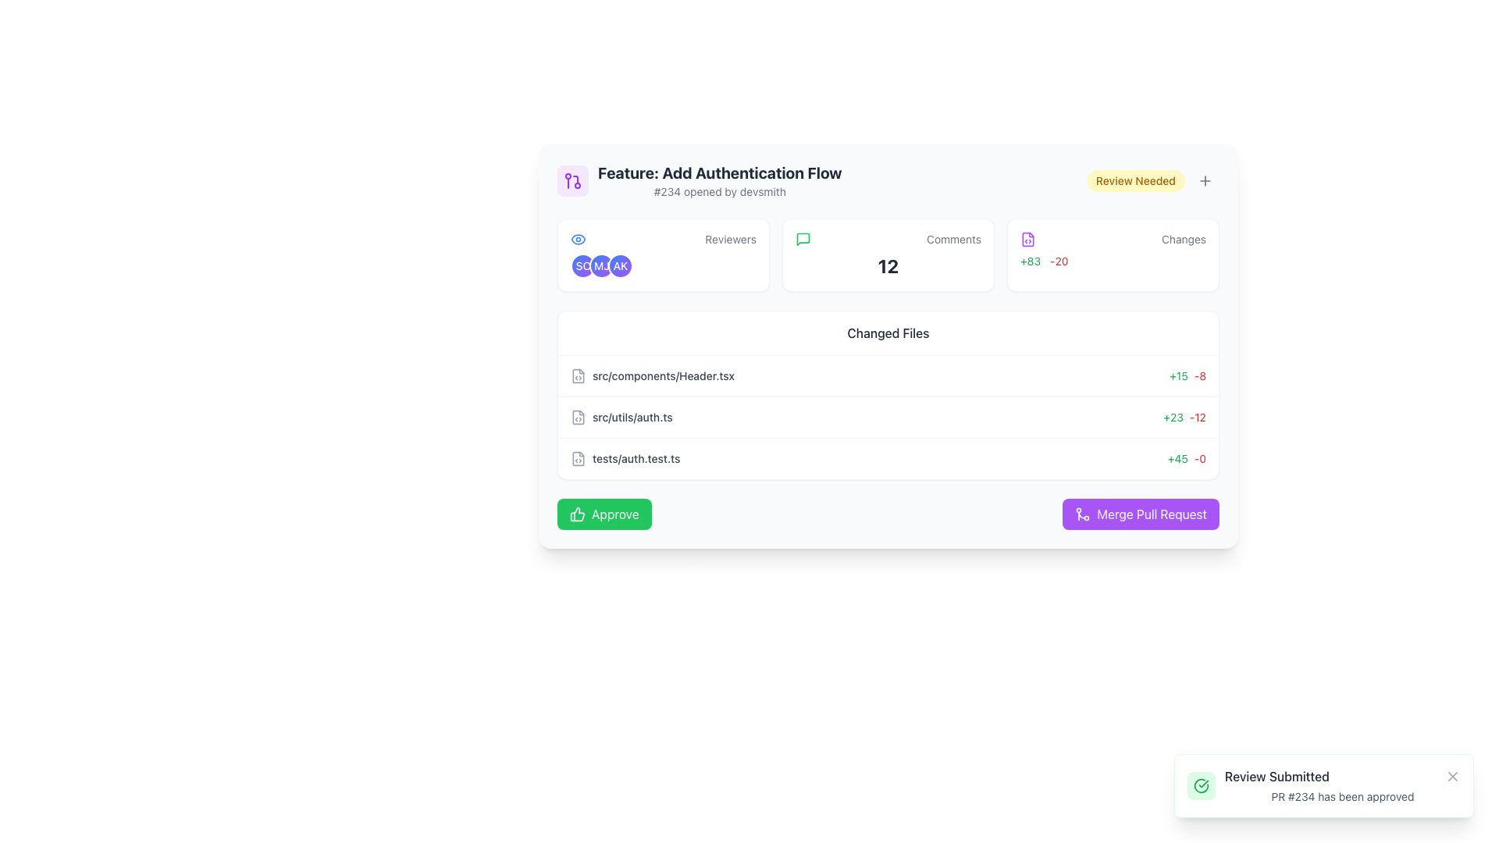 Image resolution: width=1499 pixels, height=843 pixels. I want to click on the text label identifying the file 'tests/auth.test.ts' located in the bottom section of the changed files list in the version control system interface, so click(636, 457).